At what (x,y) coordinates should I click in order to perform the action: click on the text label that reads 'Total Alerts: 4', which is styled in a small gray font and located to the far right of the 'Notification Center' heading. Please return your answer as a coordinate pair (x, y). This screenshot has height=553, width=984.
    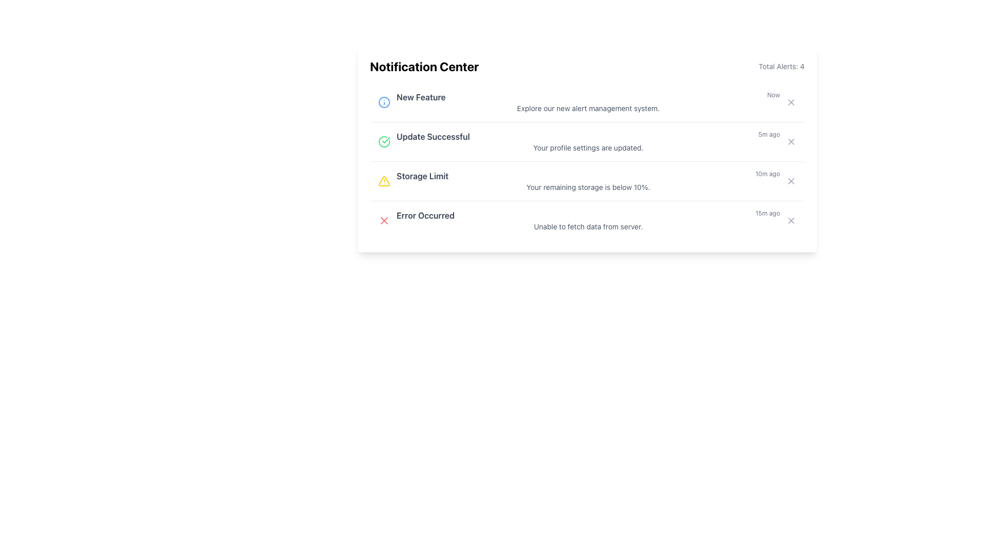
    Looking at the image, I should click on (781, 67).